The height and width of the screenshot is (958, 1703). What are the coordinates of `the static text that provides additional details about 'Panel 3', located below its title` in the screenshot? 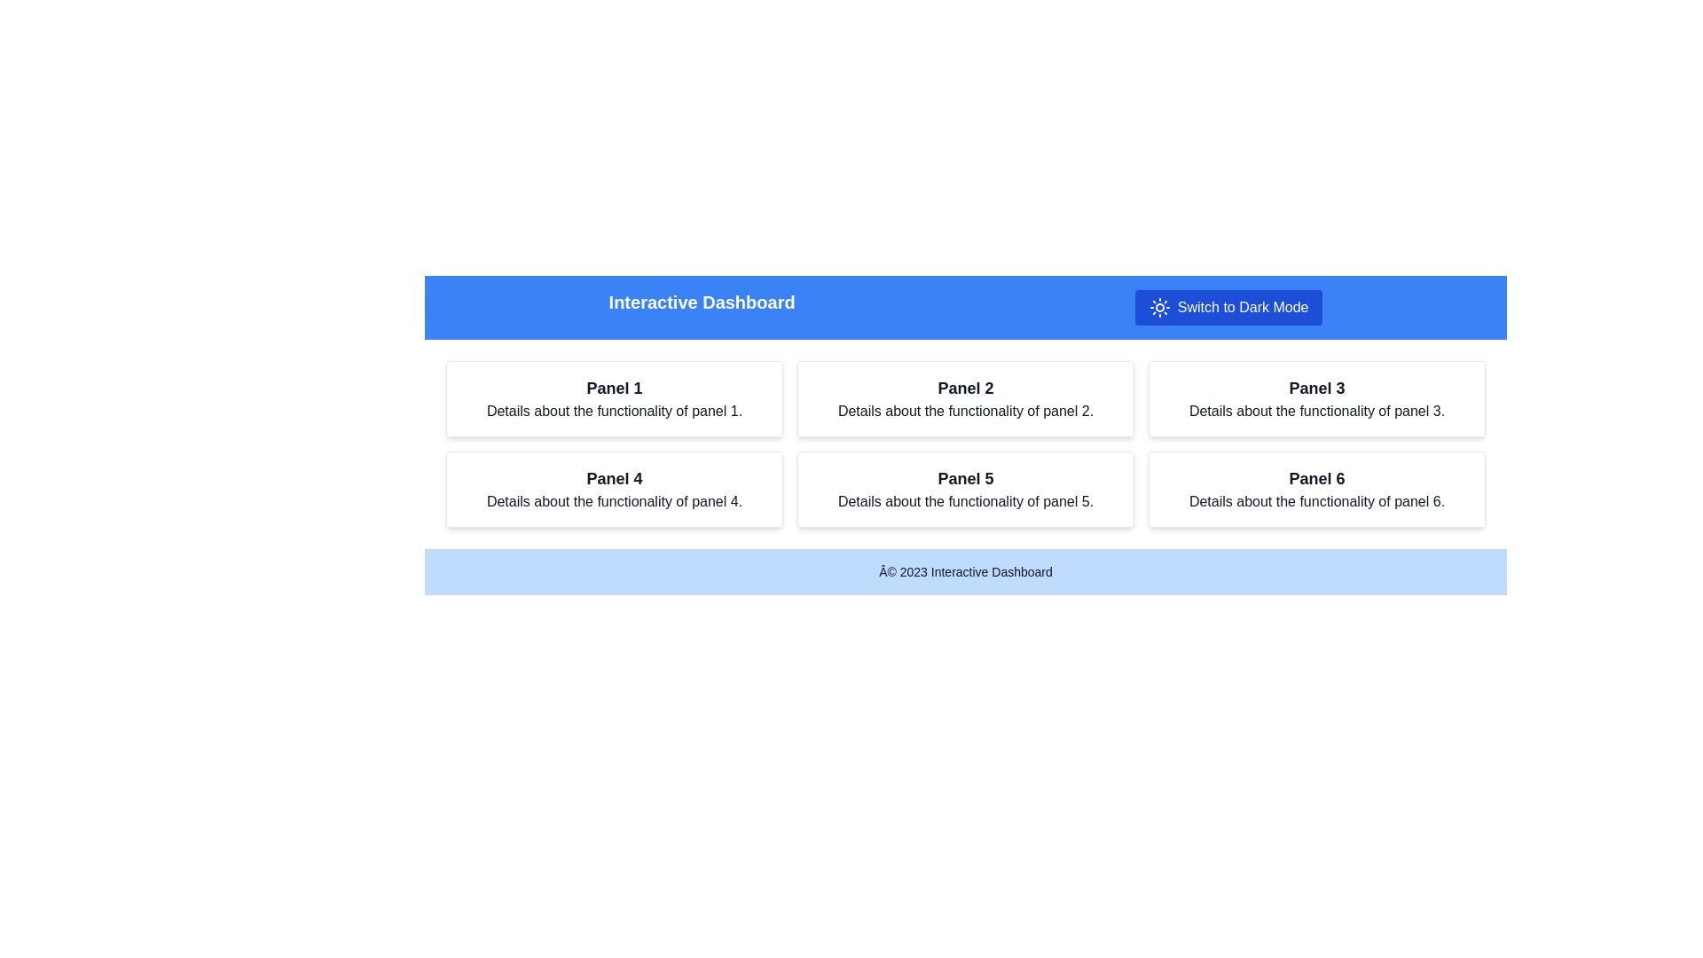 It's located at (1316, 411).